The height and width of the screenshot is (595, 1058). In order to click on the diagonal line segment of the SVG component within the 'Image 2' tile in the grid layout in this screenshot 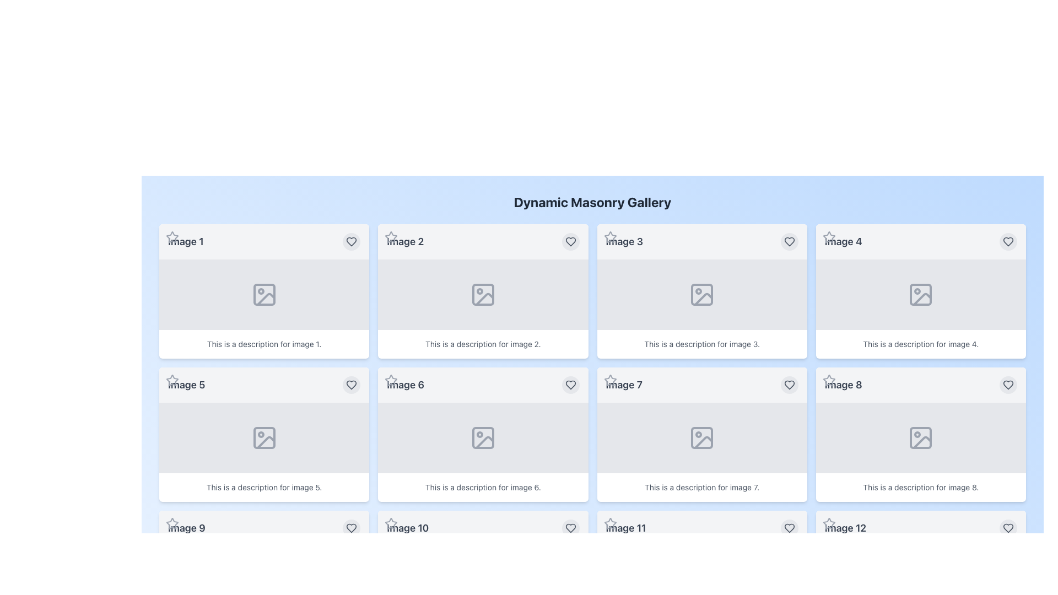, I will do `click(484, 299)`.